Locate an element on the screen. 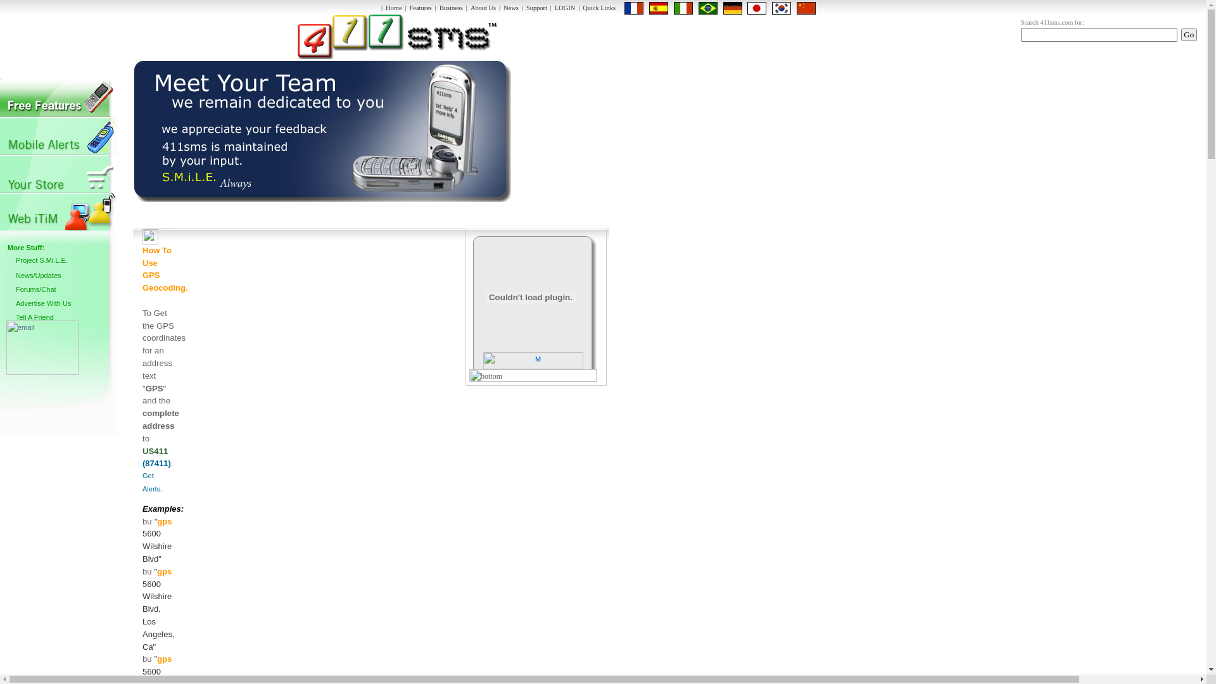  'en|ja' is located at coordinates (757, 8).